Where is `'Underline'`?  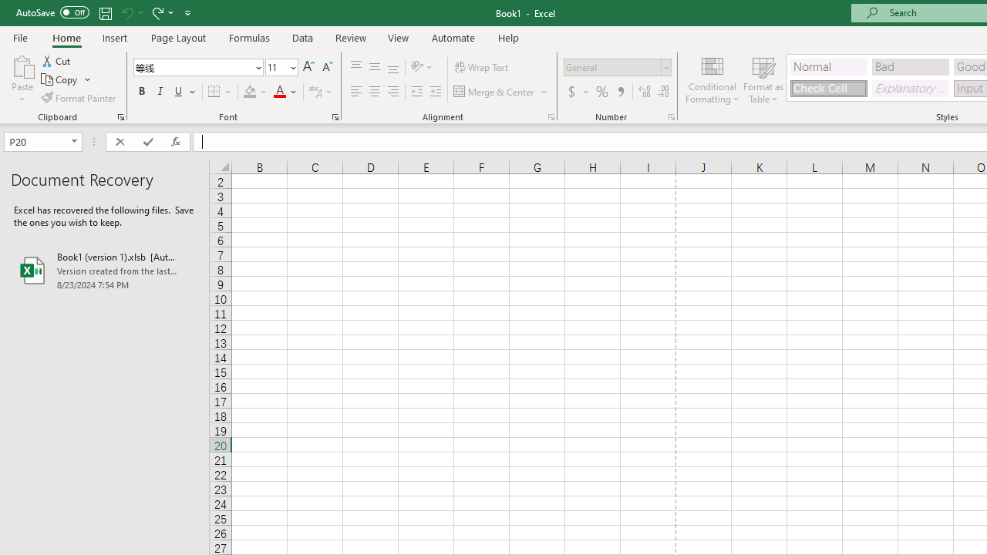 'Underline' is located at coordinates (185, 92).